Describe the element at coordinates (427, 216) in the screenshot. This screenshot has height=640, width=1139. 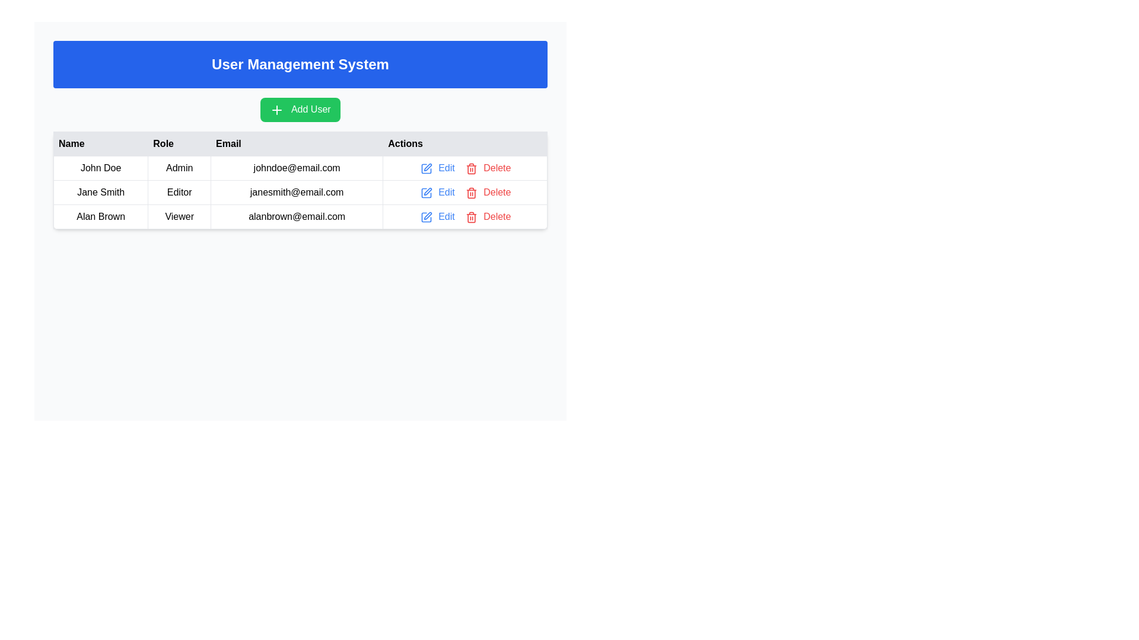
I see `the 'edit action' graphic icon located in the last row of the table under the 'Actions' column` at that location.